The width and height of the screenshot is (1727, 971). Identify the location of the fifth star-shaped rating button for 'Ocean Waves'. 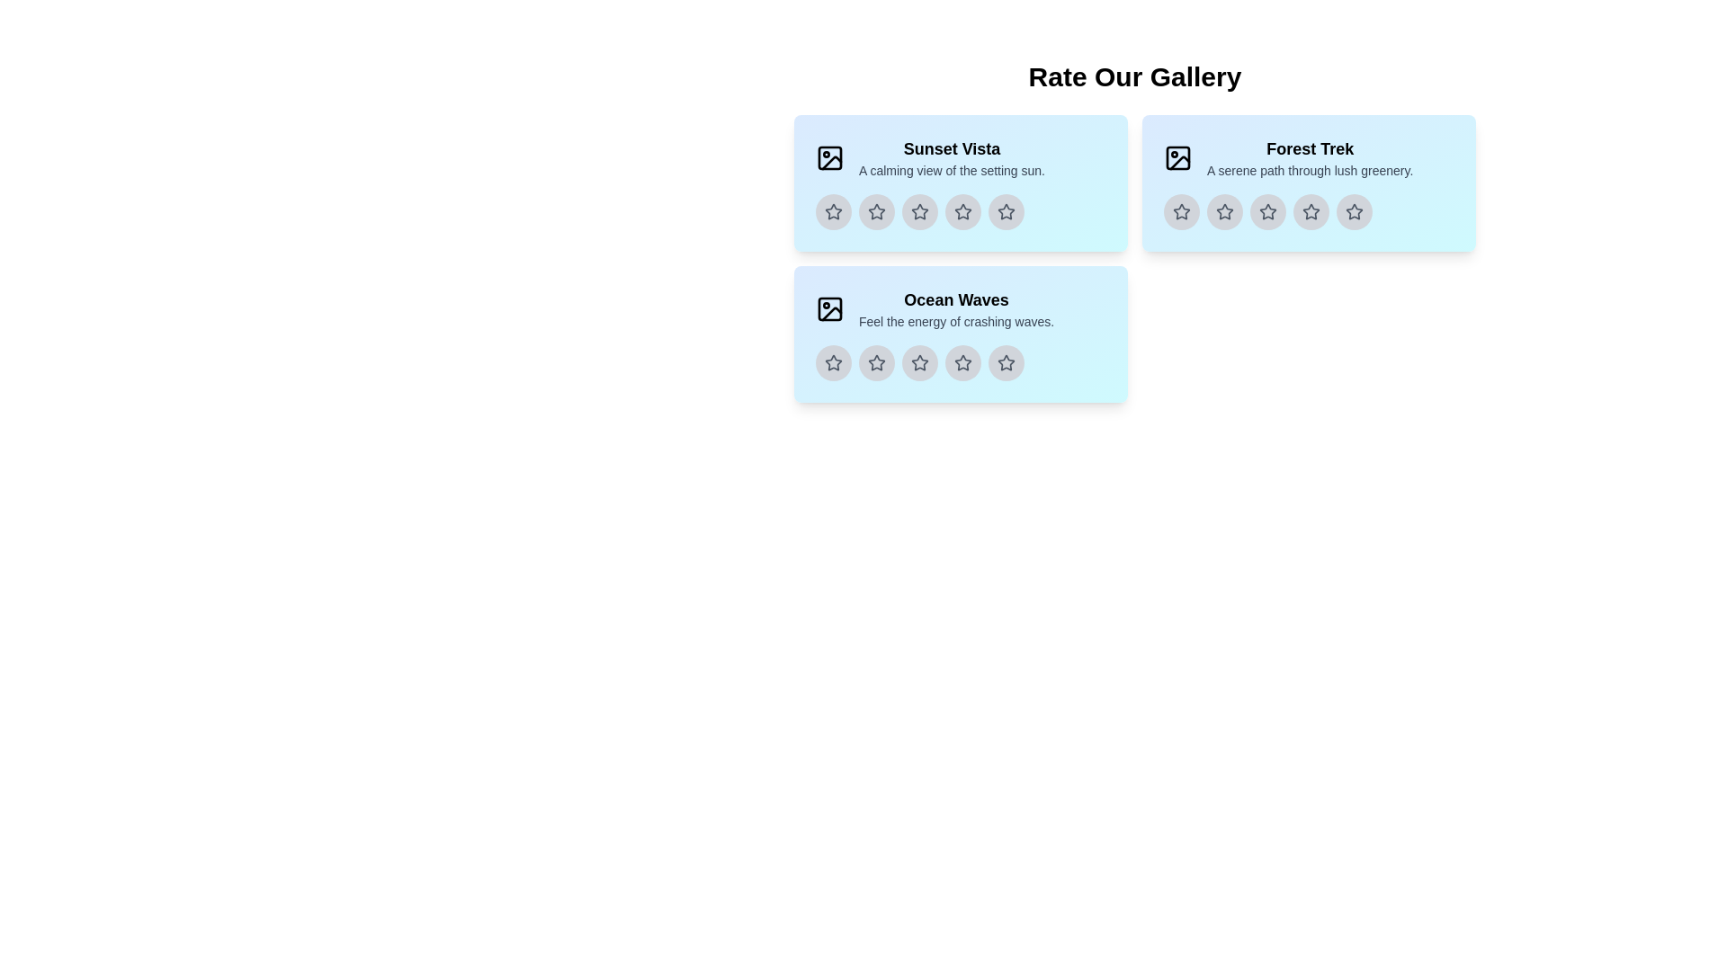
(1005, 361).